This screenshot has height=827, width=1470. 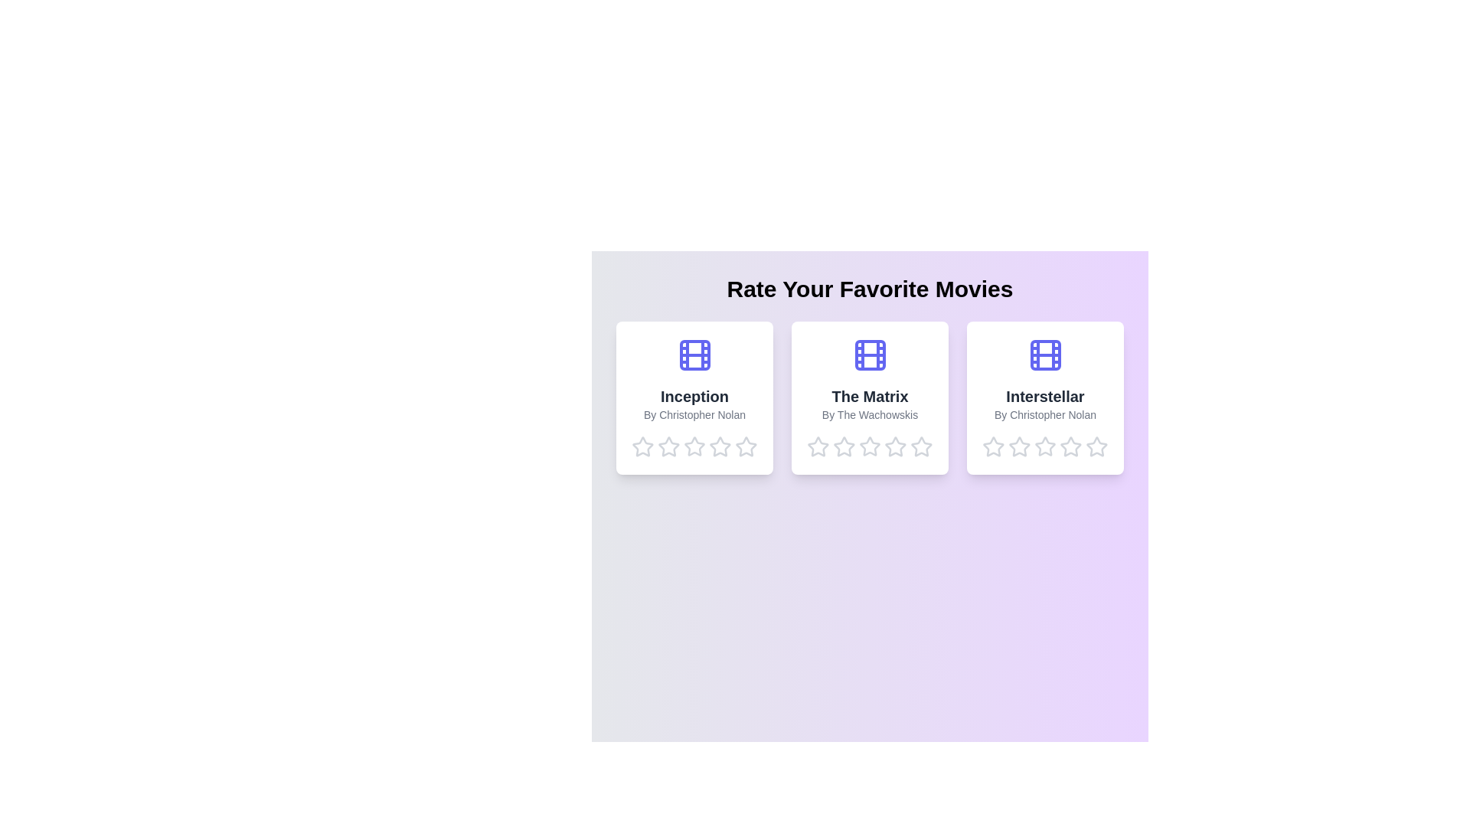 I want to click on the star corresponding to 5 stars for the movie The Matrix, so click(x=921, y=446).